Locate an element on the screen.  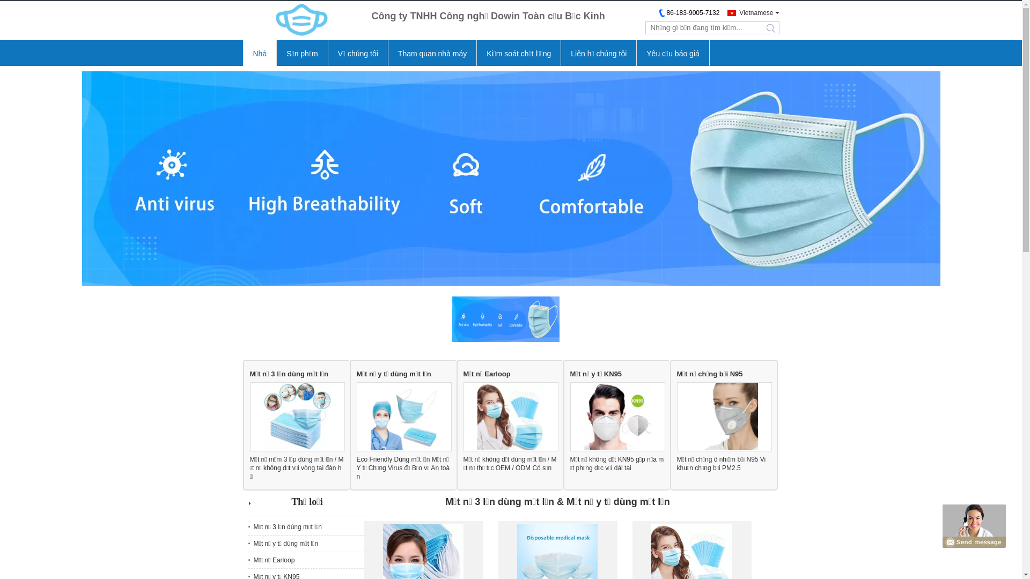
'Vietnamese' is located at coordinates (749, 12).